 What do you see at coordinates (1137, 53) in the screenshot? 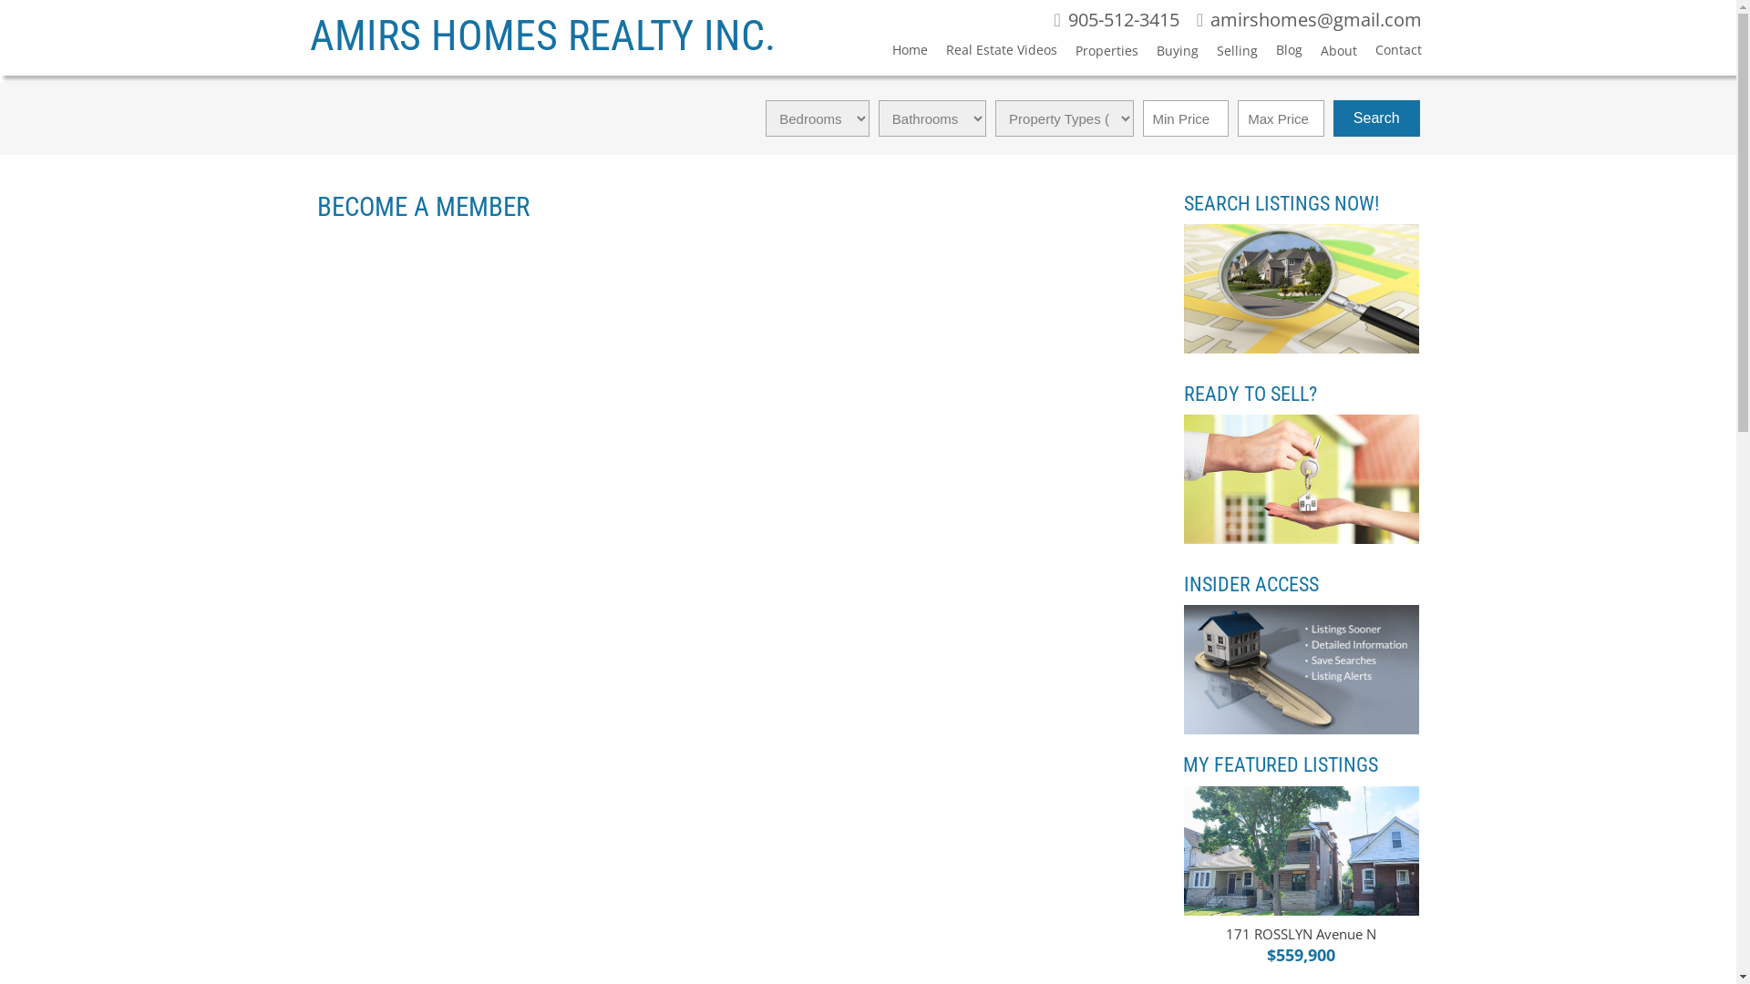
I see `'Buying'` at bounding box center [1137, 53].